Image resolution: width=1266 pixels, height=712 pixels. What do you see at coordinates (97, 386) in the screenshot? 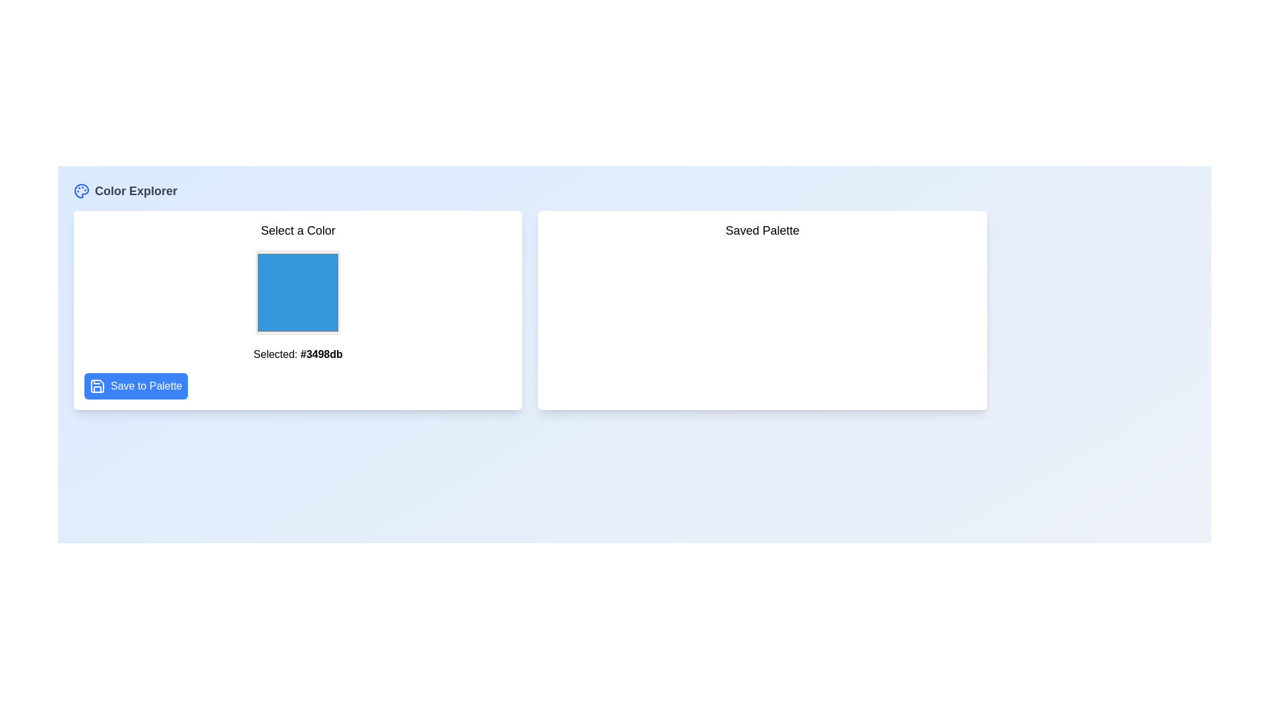
I see `the 'Save to Palette' button located at the bottom left of the first section in the Color Explorer interface, which contains a disk icon associated with a 'save' action` at bounding box center [97, 386].